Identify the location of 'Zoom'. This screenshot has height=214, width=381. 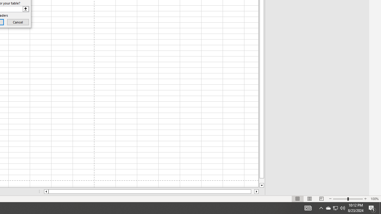
(348, 199).